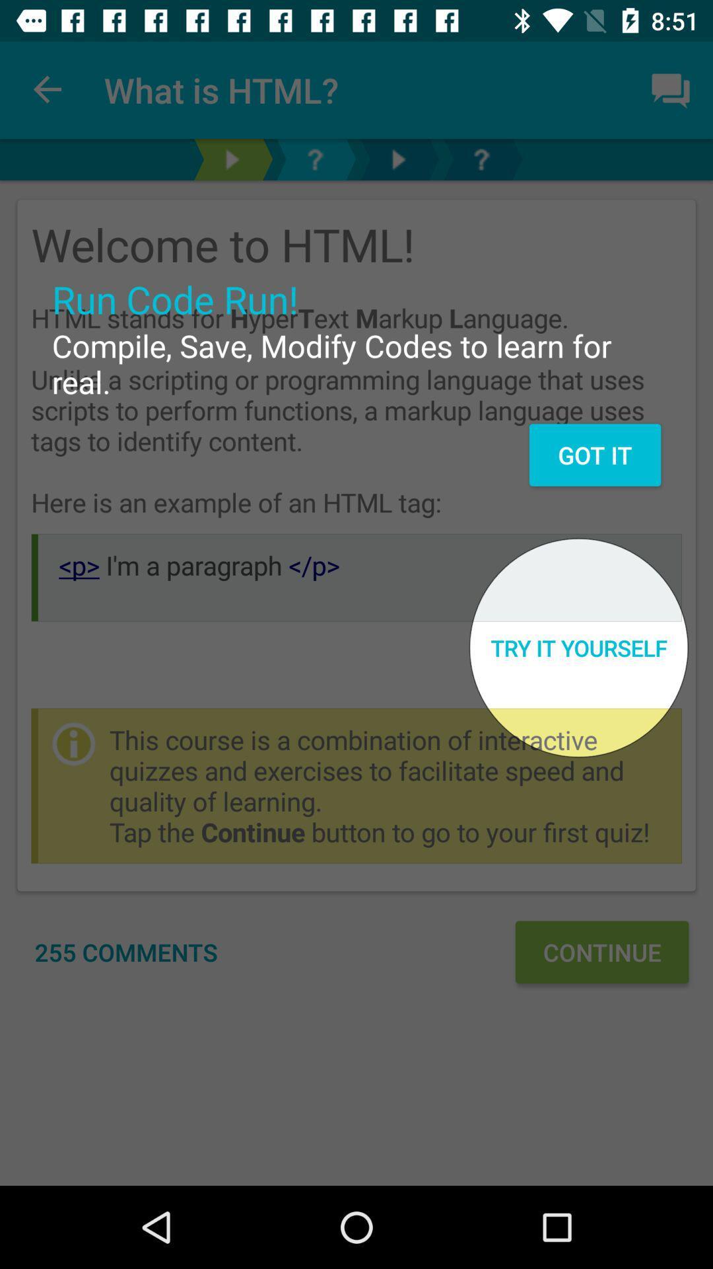 This screenshot has width=713, height=1269. What do you see at coordinates (397, 159) in the screenshot?
I see `the this step` at bounding box center [397, 159].